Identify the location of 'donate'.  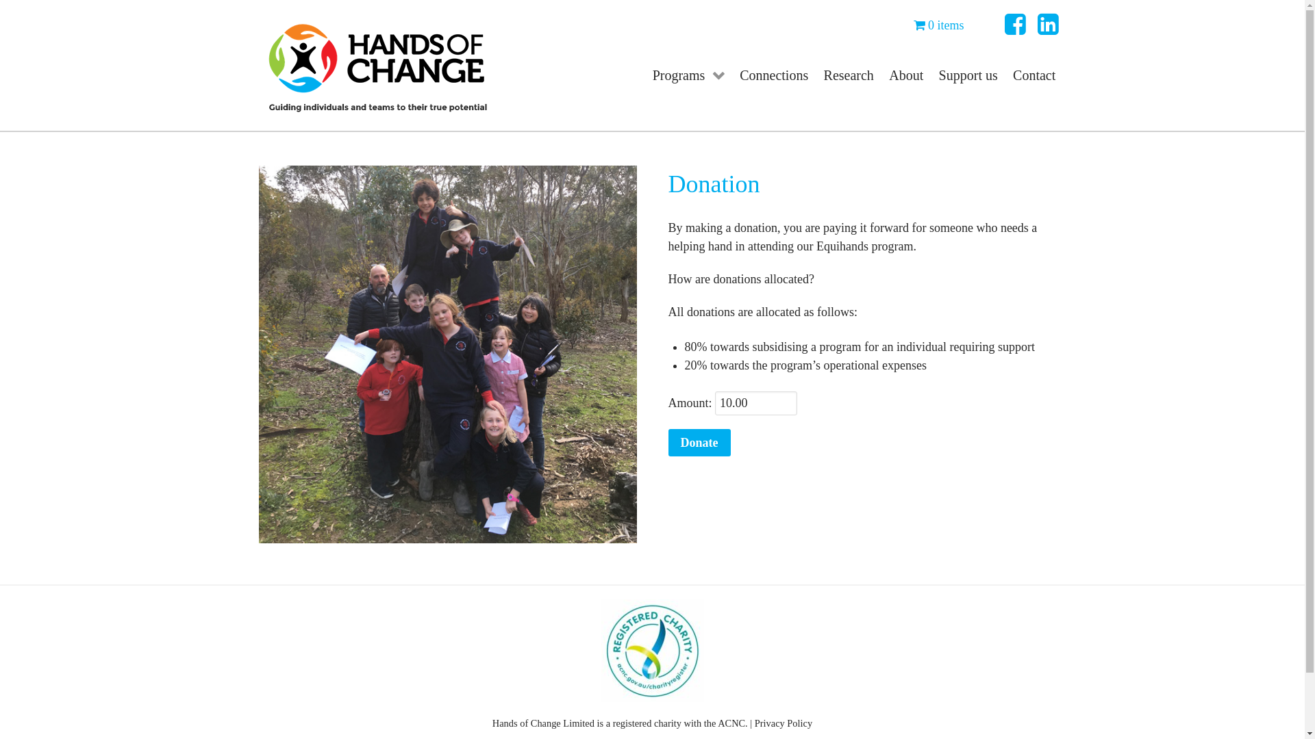
(447, 353).